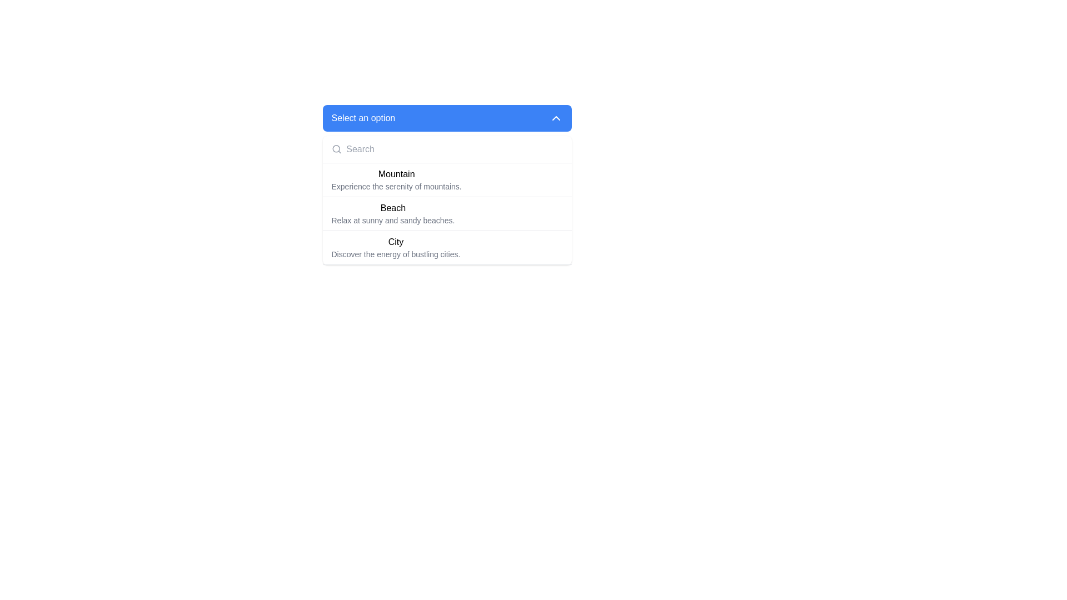 Image resolution: width=1067 pixels, height=600 pixels. I want to click on the static text label that provides additional information about the 'City' option, which is located directly beneath the heading 'City', so click(396, 254).